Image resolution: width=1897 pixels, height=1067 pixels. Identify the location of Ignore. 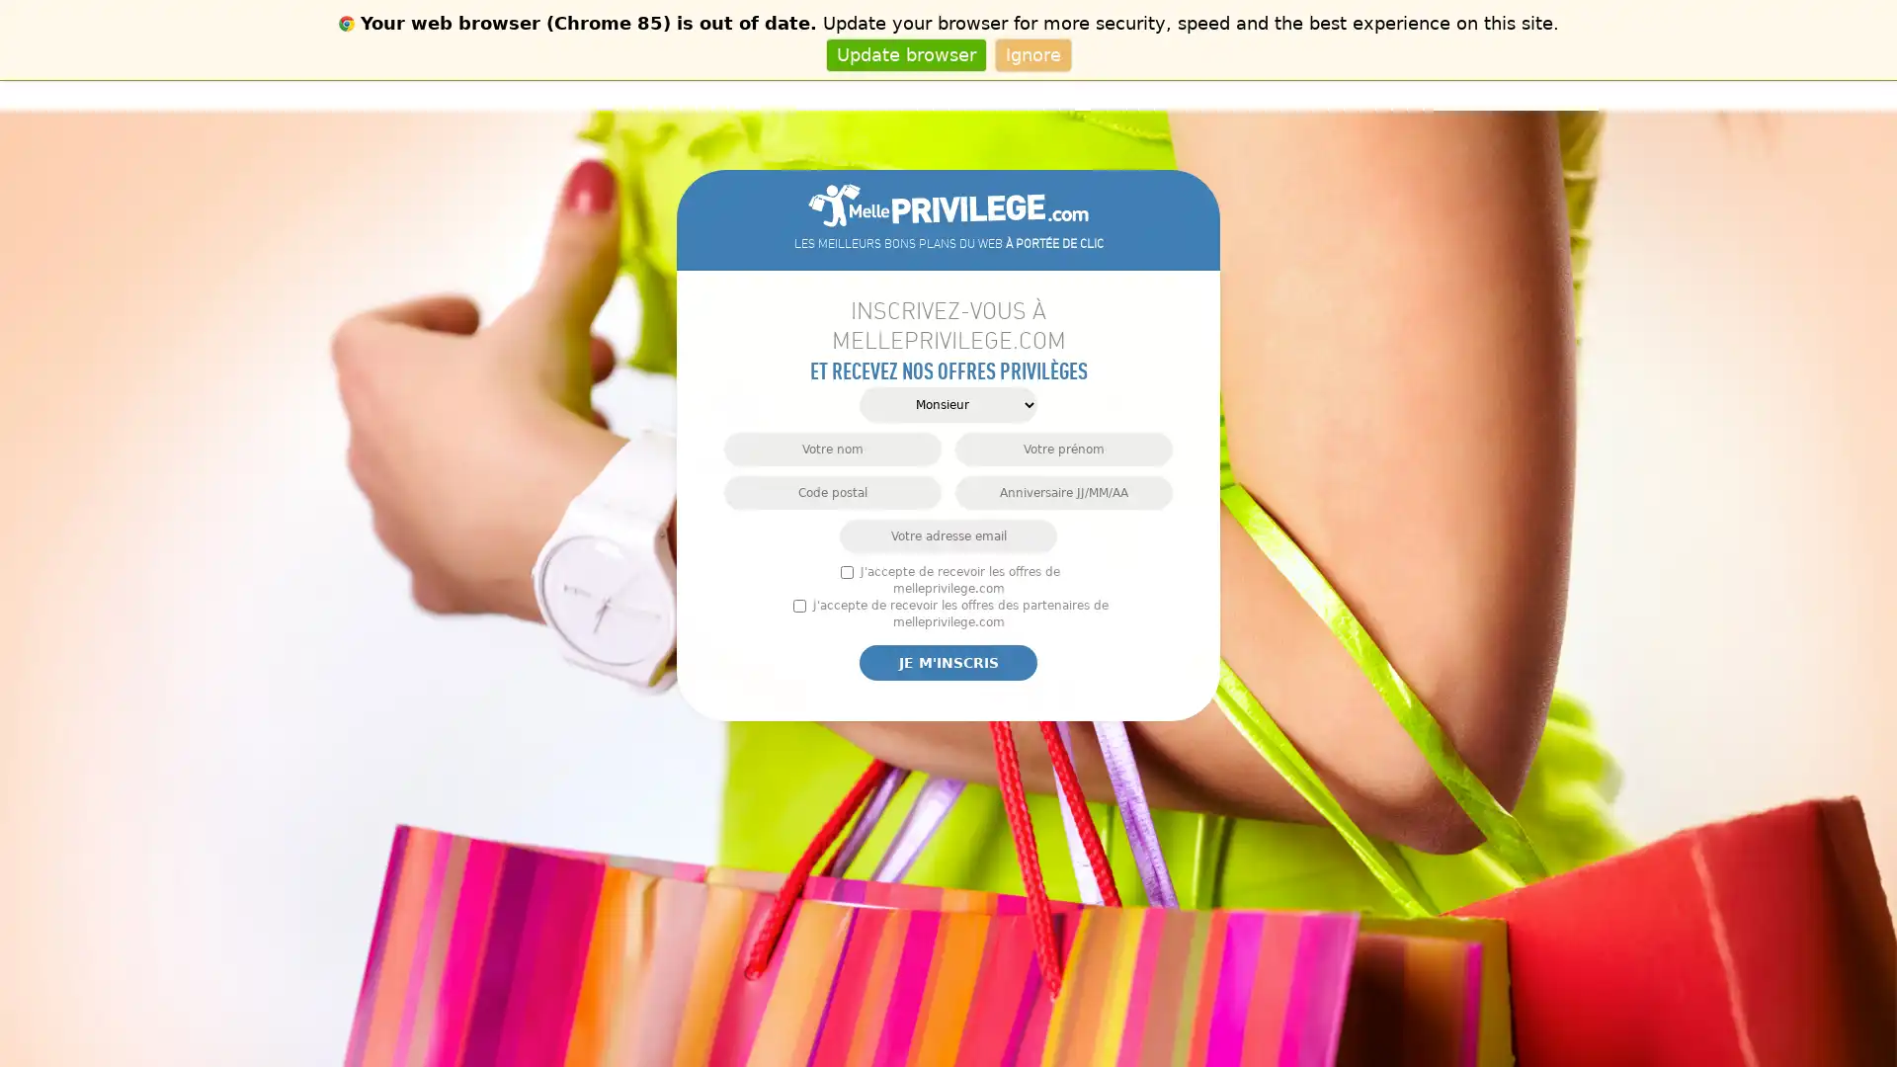
(1031, 53).